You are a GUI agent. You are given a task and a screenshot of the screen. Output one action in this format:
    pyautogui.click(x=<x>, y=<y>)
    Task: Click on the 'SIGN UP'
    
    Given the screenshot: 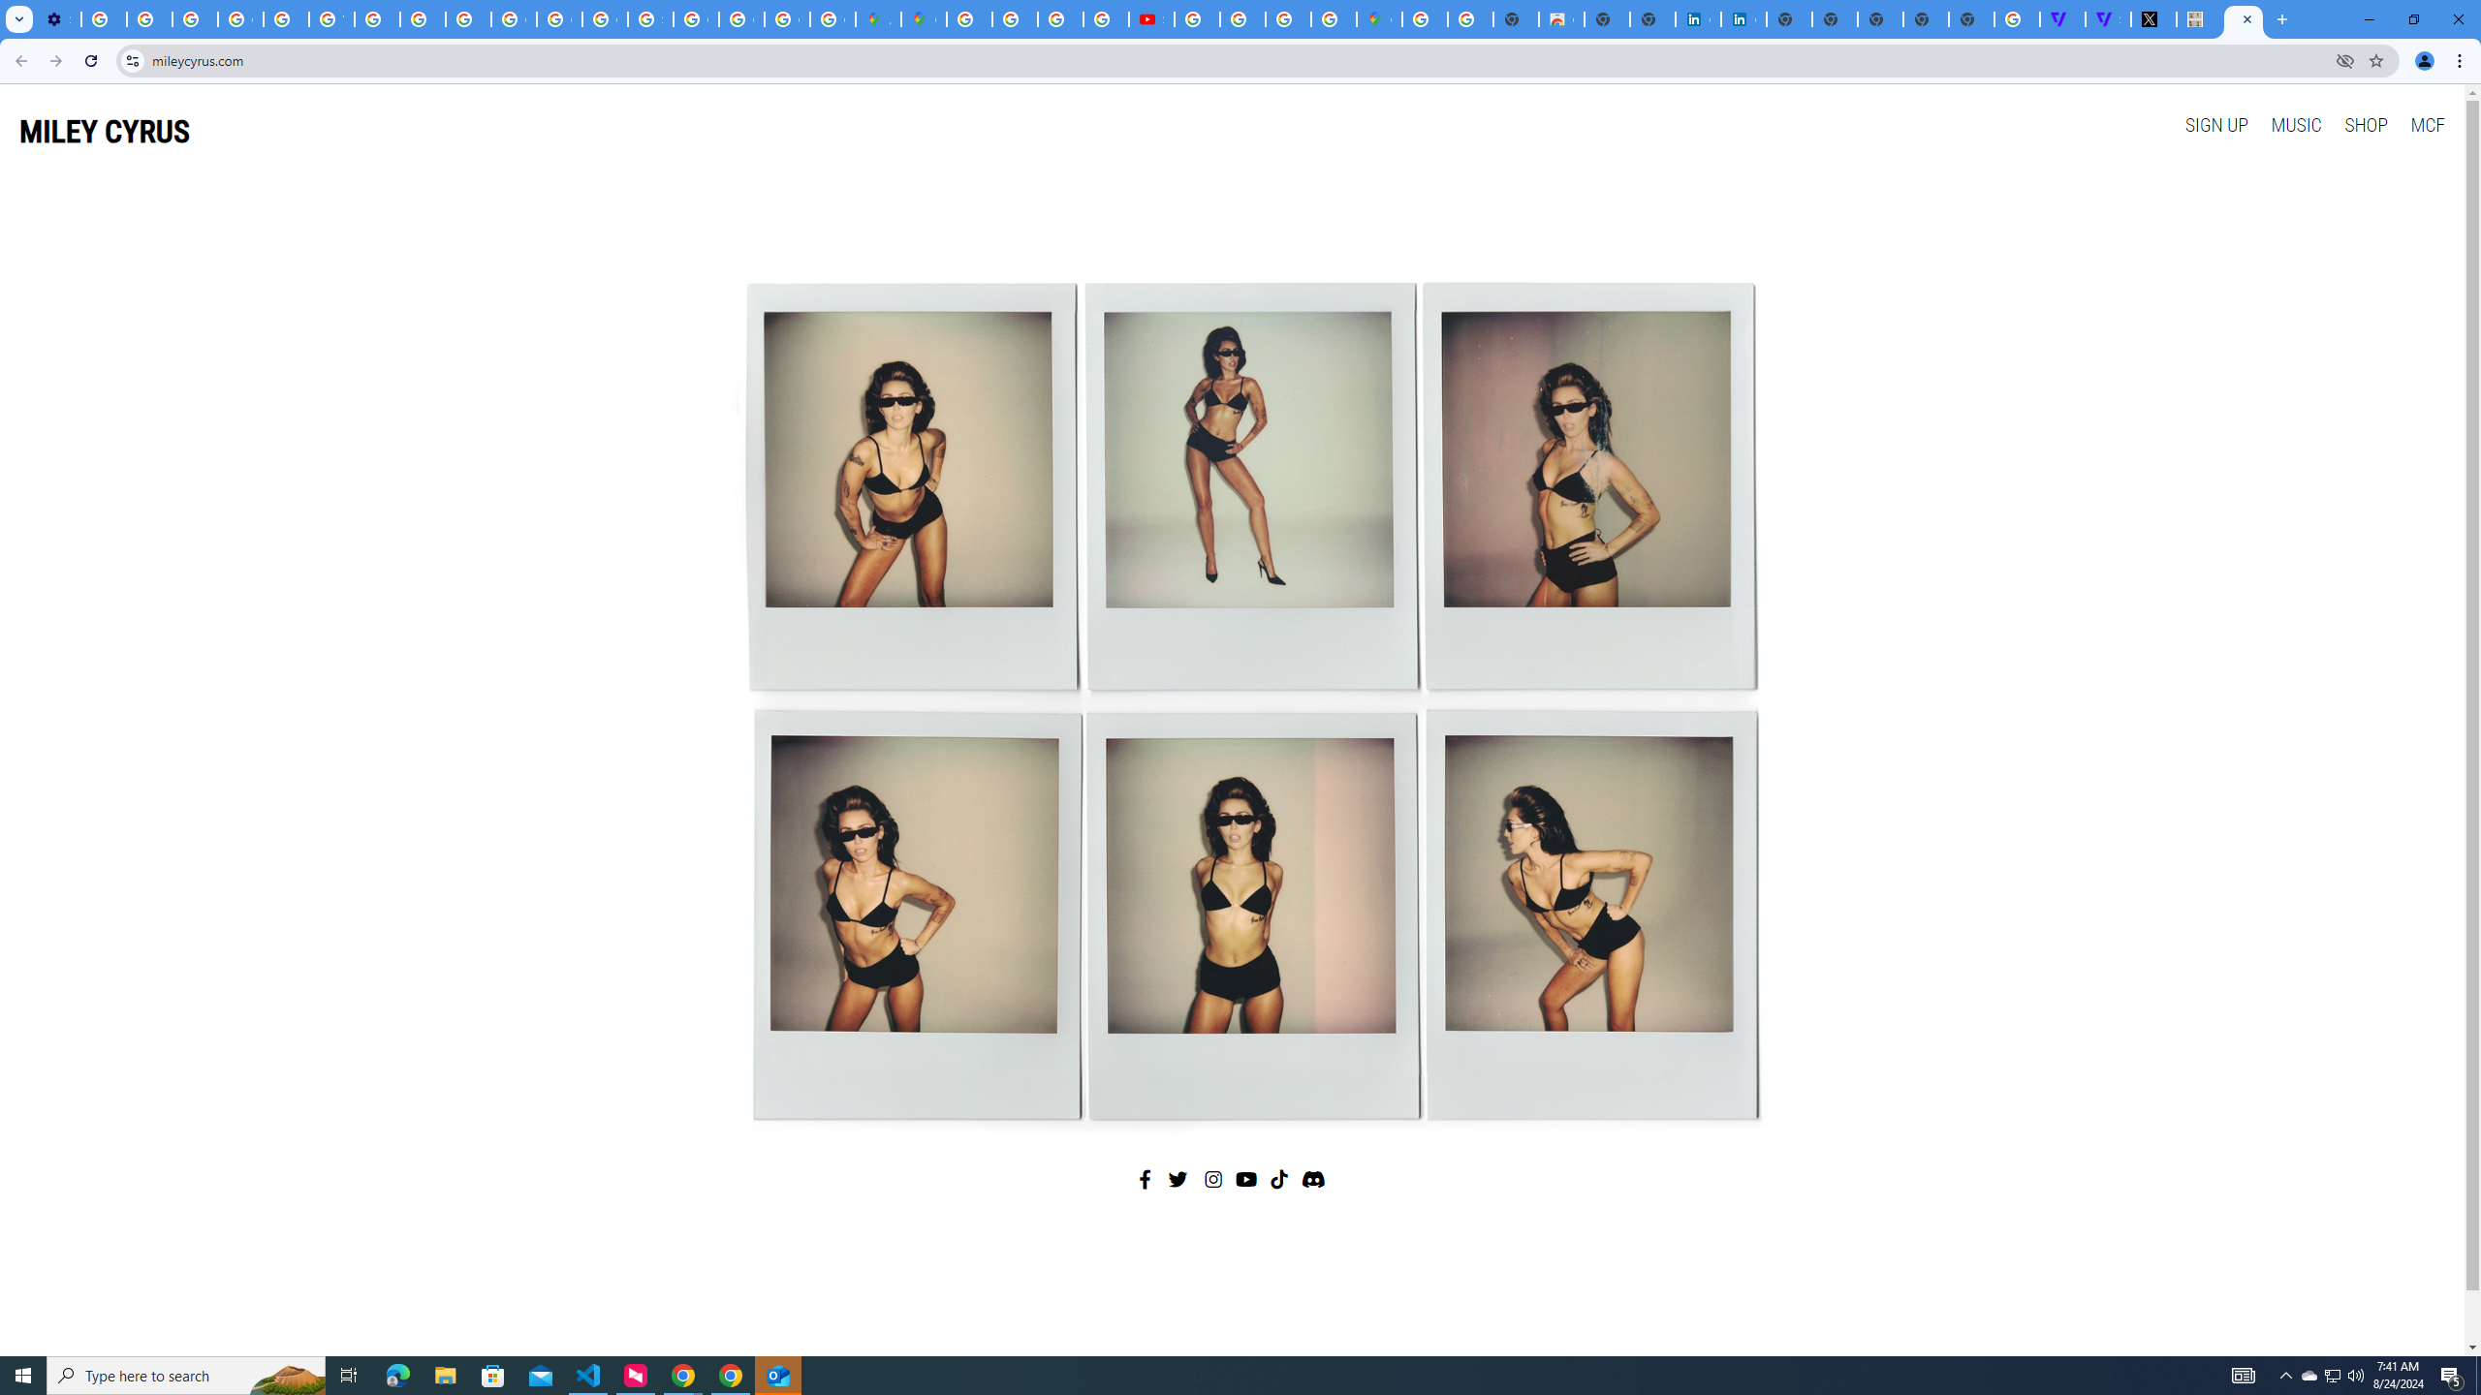 What is the action you would take?
    pyautogui.click(x=2215, y=123)
    